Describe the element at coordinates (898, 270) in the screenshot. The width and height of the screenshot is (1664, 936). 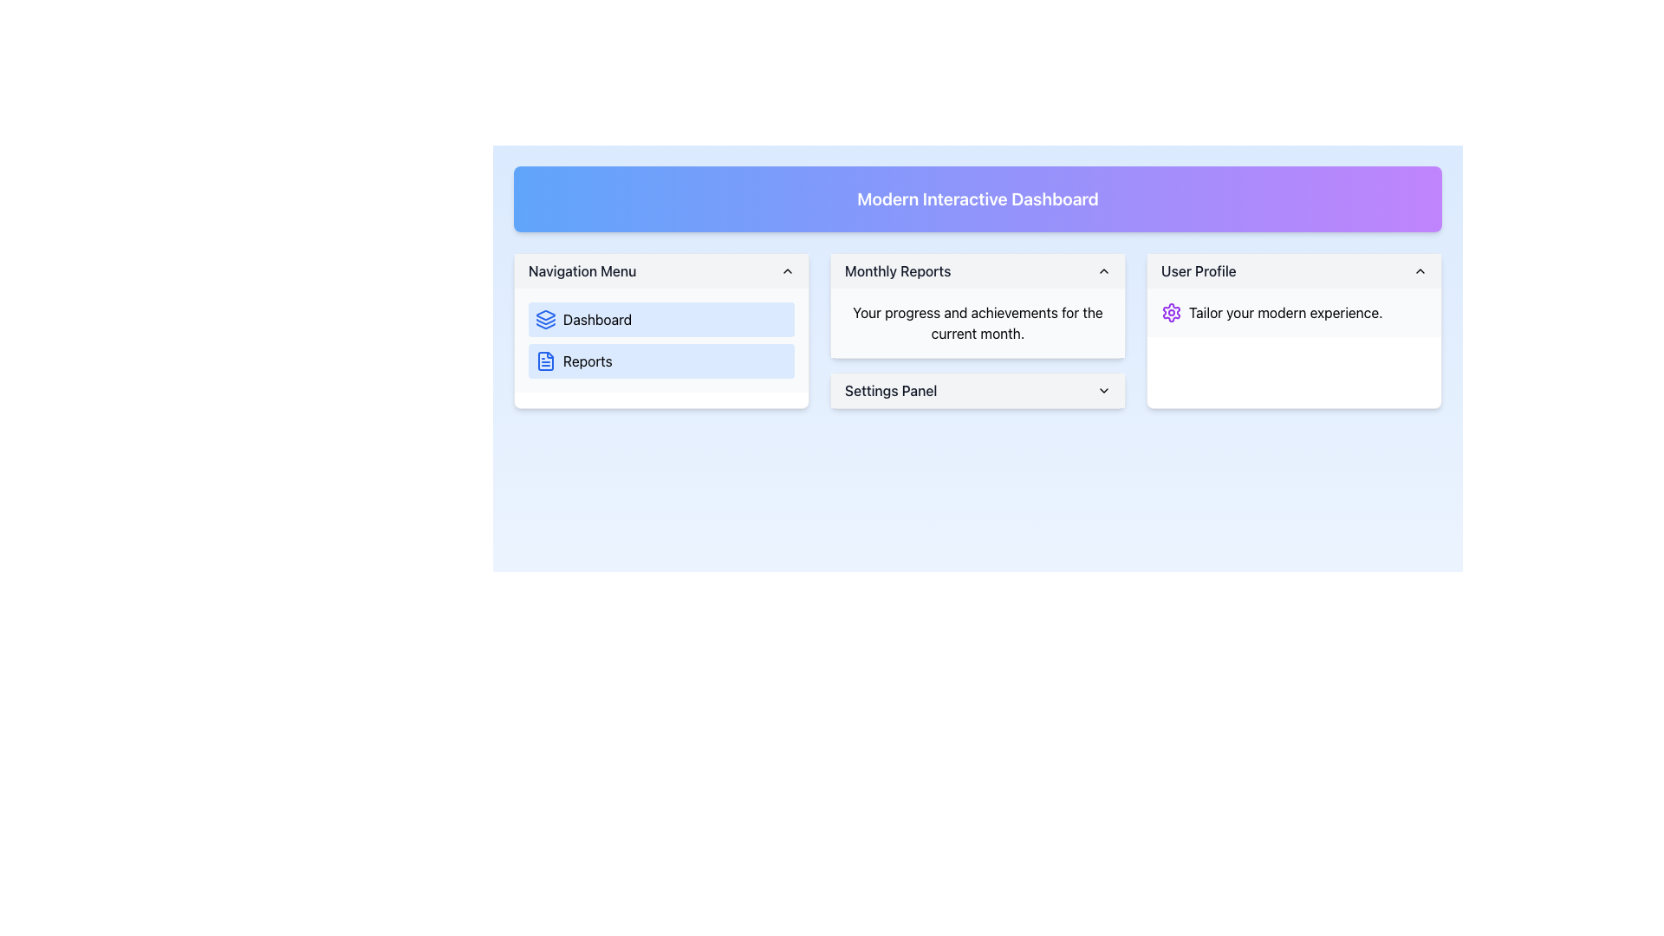
I see `the 'Monthly Reports' text label, which is a dark gray font label aligned left in the middle panel of the 'Modern Interactive Dashboard.'` at that location.